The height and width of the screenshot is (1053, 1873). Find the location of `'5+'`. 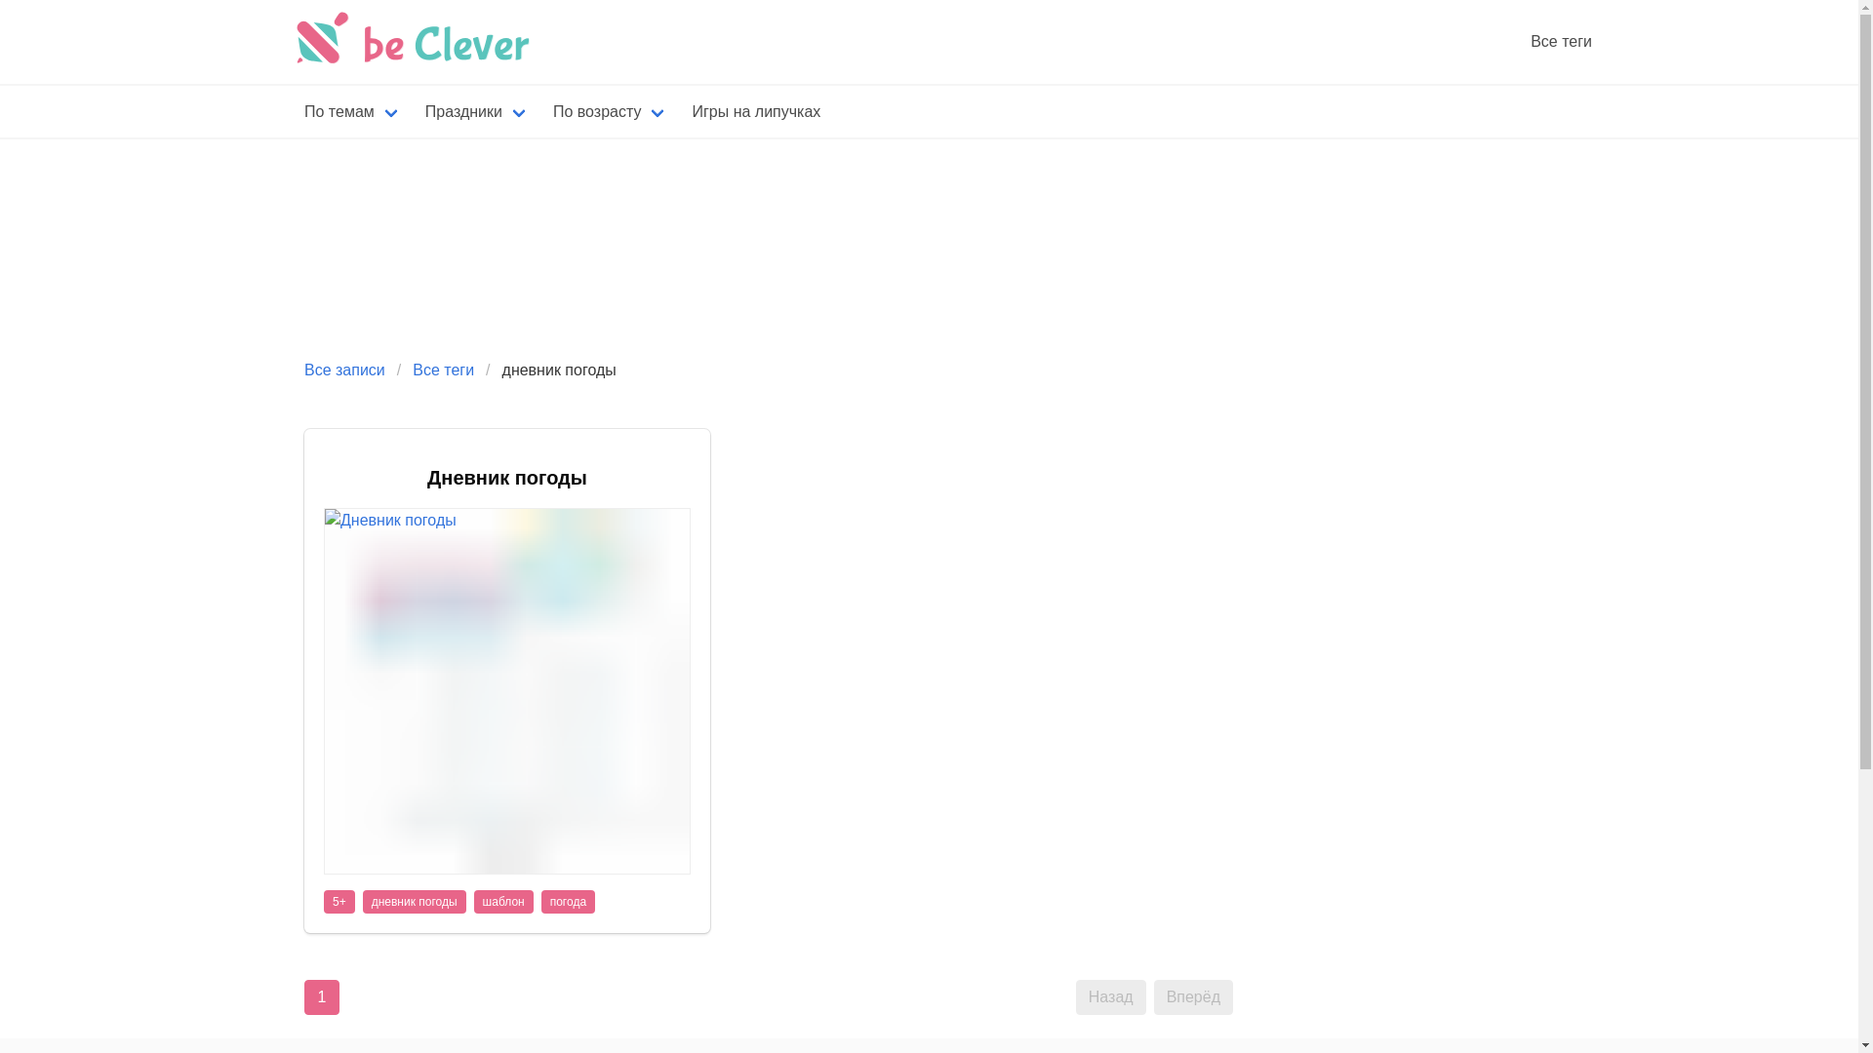

'5+' is located at coordinates (339, 902).